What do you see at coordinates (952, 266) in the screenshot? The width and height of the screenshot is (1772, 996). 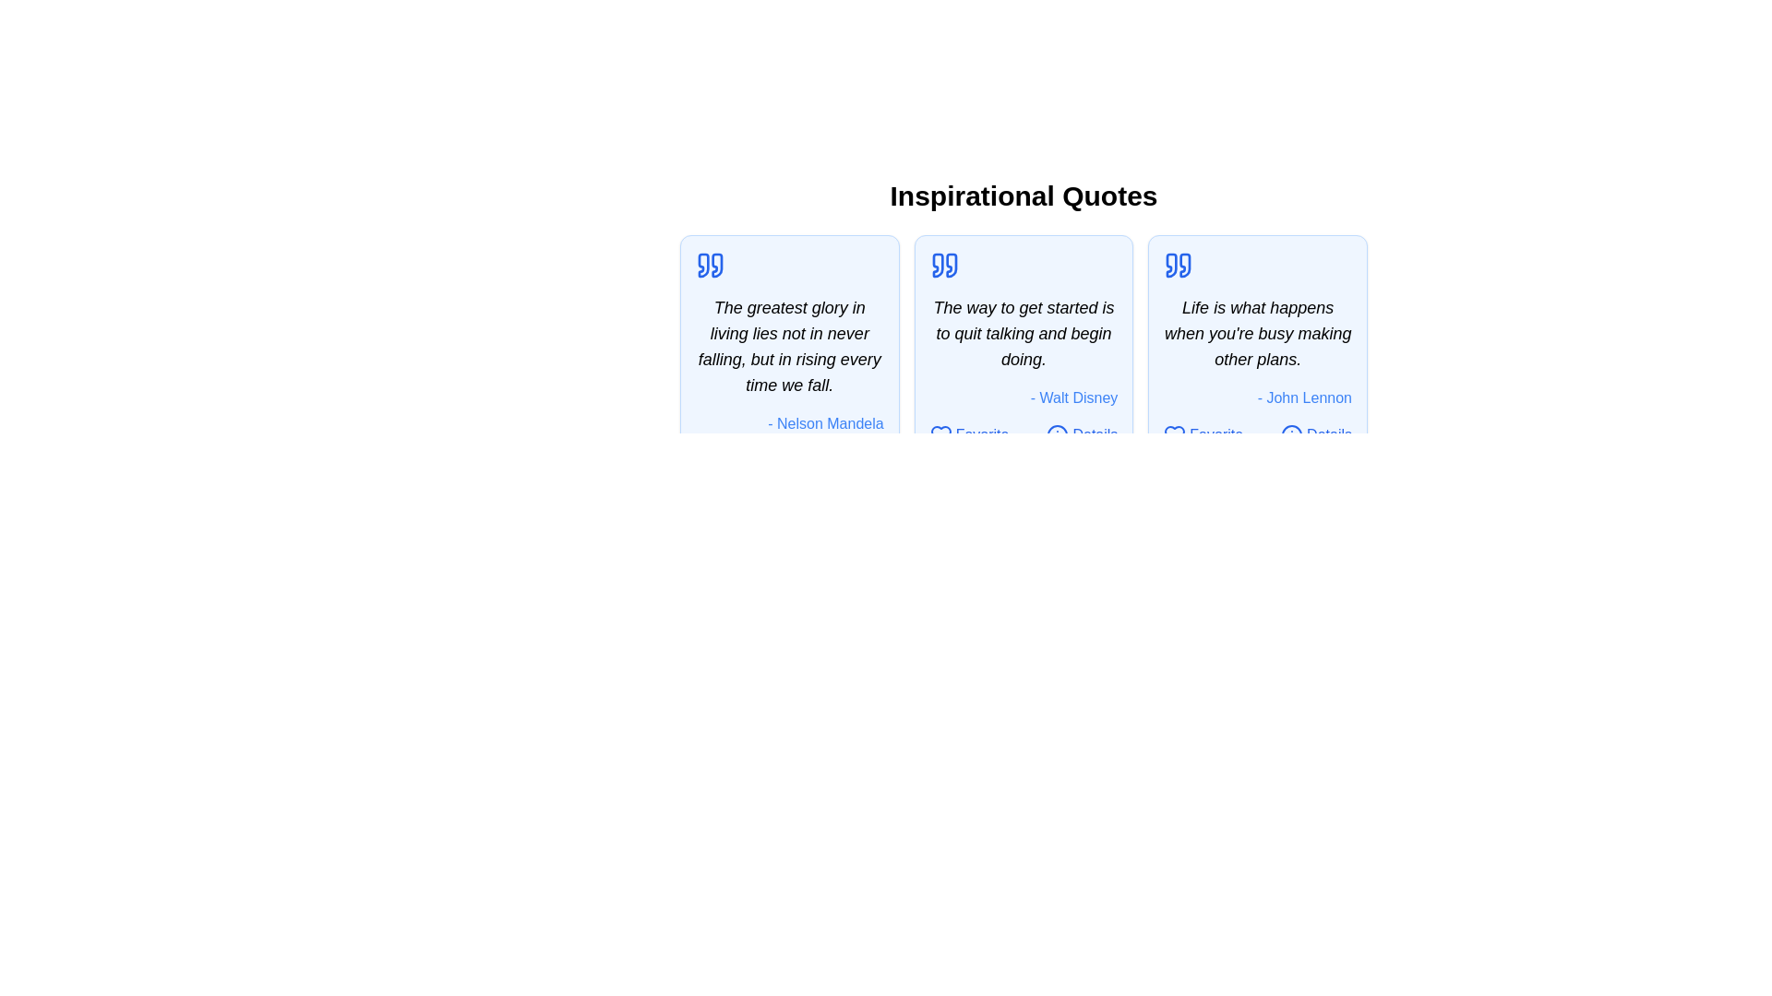 I see `the second quotation mark icon in the center card of the three-card layout, which is styled in blue and features a minimalistic design` at bounding box center [952, 266].